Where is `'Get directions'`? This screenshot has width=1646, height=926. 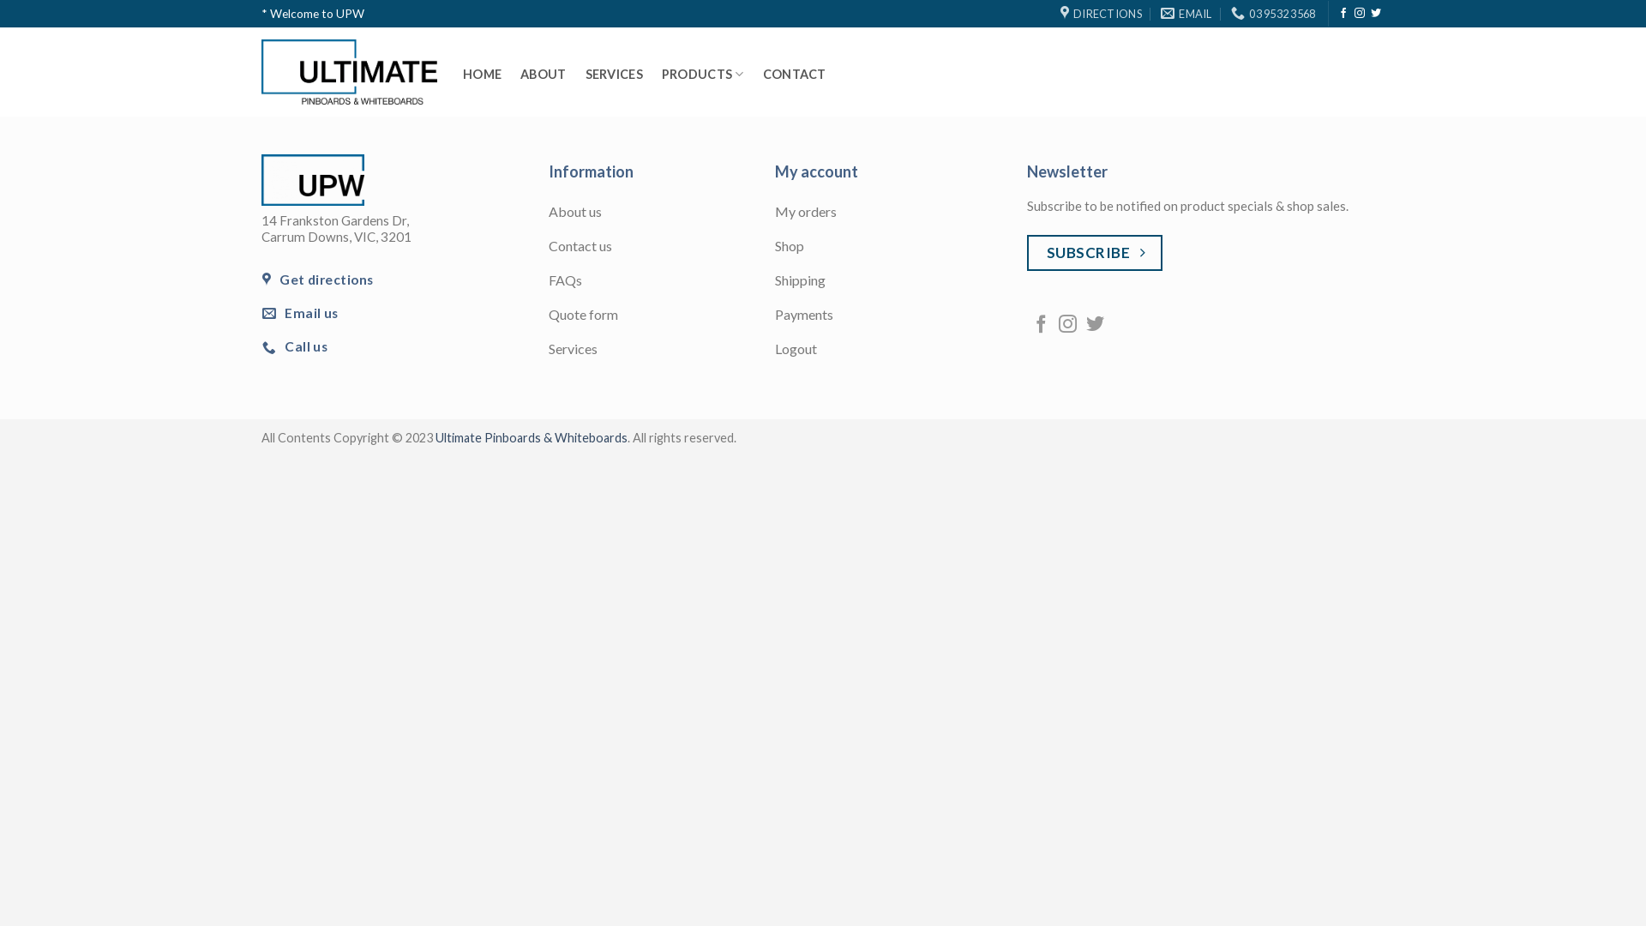 'Get directions' is located at coordinates (318, 279).